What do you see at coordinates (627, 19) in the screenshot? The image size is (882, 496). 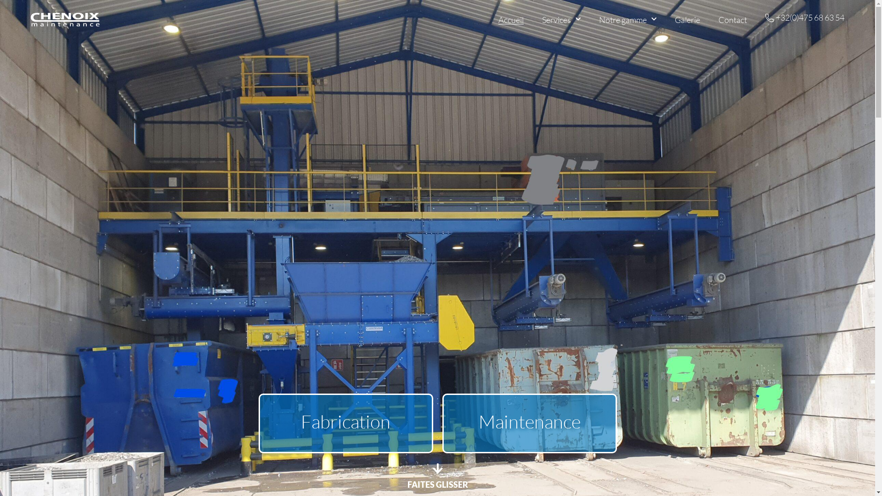 I see `'Notre gamme'` at bounding box center [627, 19].